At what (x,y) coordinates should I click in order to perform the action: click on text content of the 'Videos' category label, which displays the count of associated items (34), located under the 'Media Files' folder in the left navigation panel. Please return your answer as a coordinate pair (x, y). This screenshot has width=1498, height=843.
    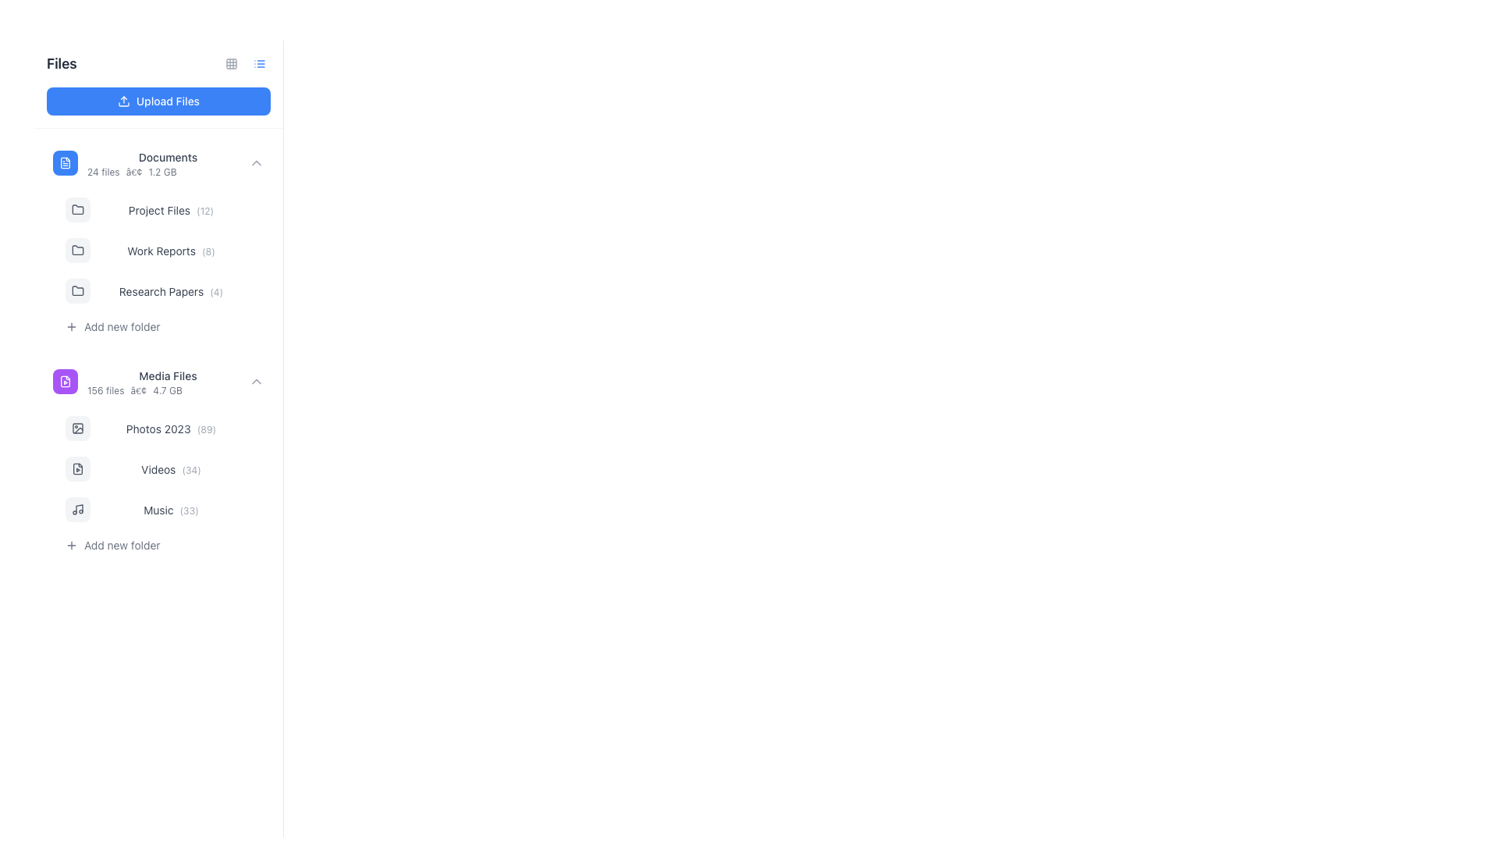
    Looking at the image, I should click on (171, 468).